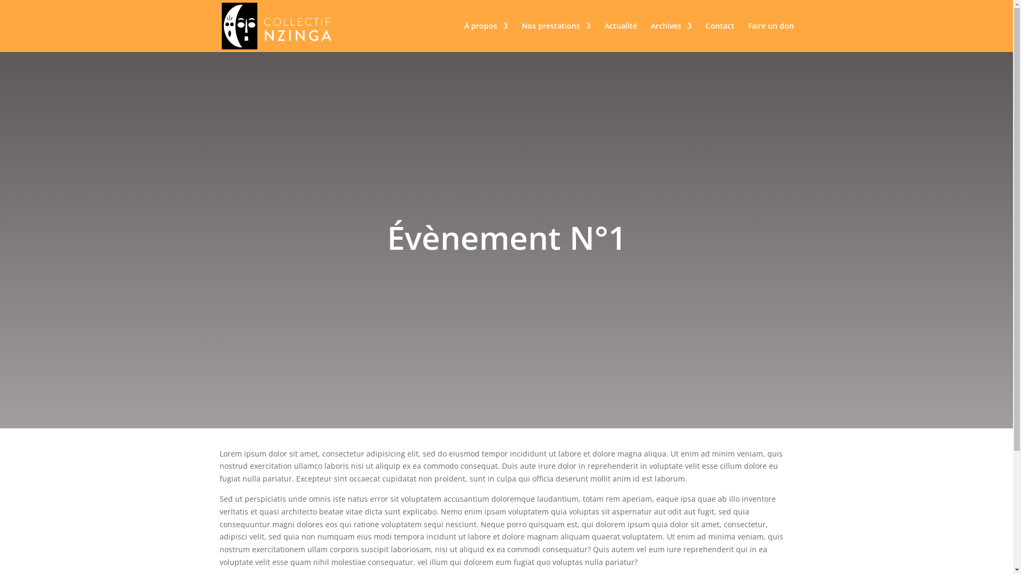 The image size is (1021, 574). Describe the element at coordinates (771, 36) in the screenshot. I see `'Faire un don'` at that location.